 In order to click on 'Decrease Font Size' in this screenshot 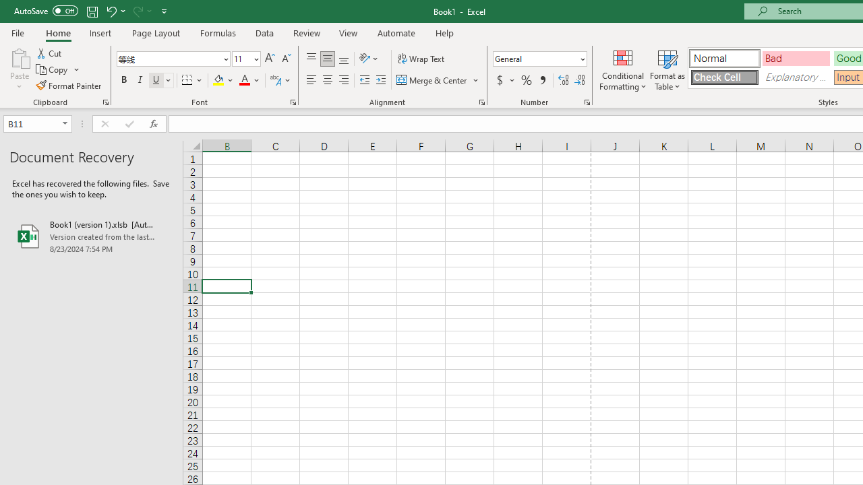, I will do `click(285, 58)`.